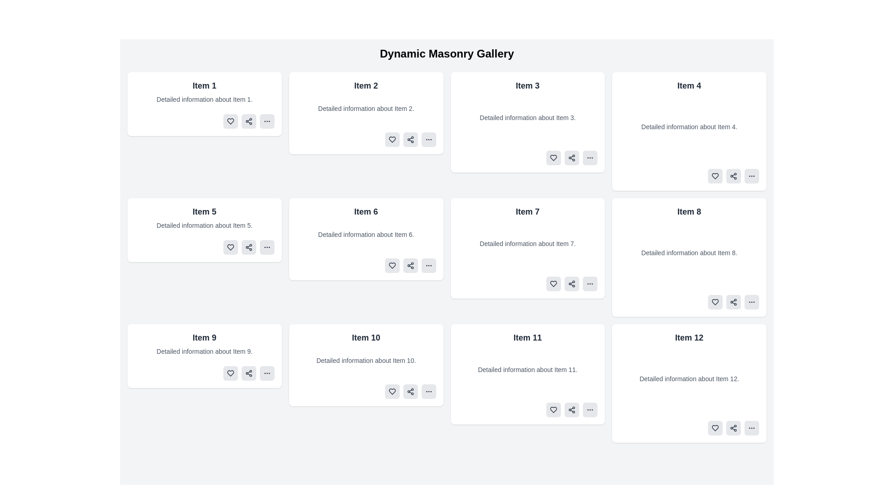  I want to click on the heart-shaped button with a gray background located at the bottom-right of the card for 'Item 7', so click(553, 283).